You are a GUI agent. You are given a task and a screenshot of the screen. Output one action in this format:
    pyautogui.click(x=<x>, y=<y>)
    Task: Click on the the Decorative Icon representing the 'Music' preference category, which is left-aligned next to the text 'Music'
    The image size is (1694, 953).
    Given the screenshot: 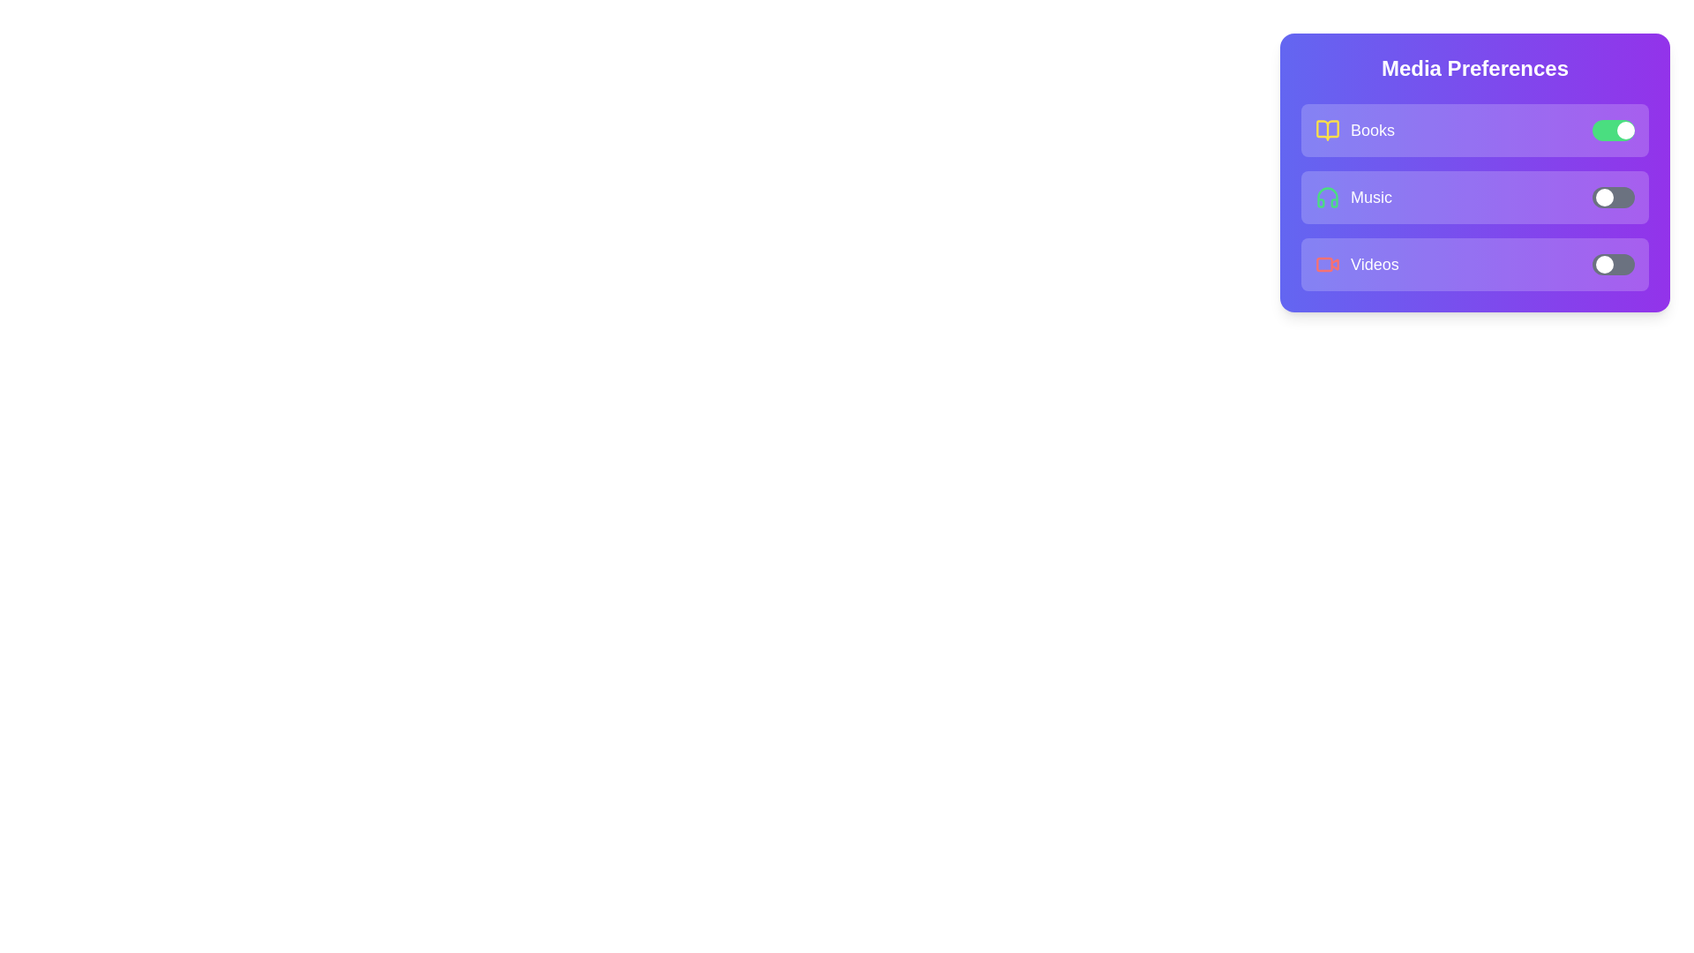 What is the action you would take?
    pyautogui.click(x=1328, y=197)
    